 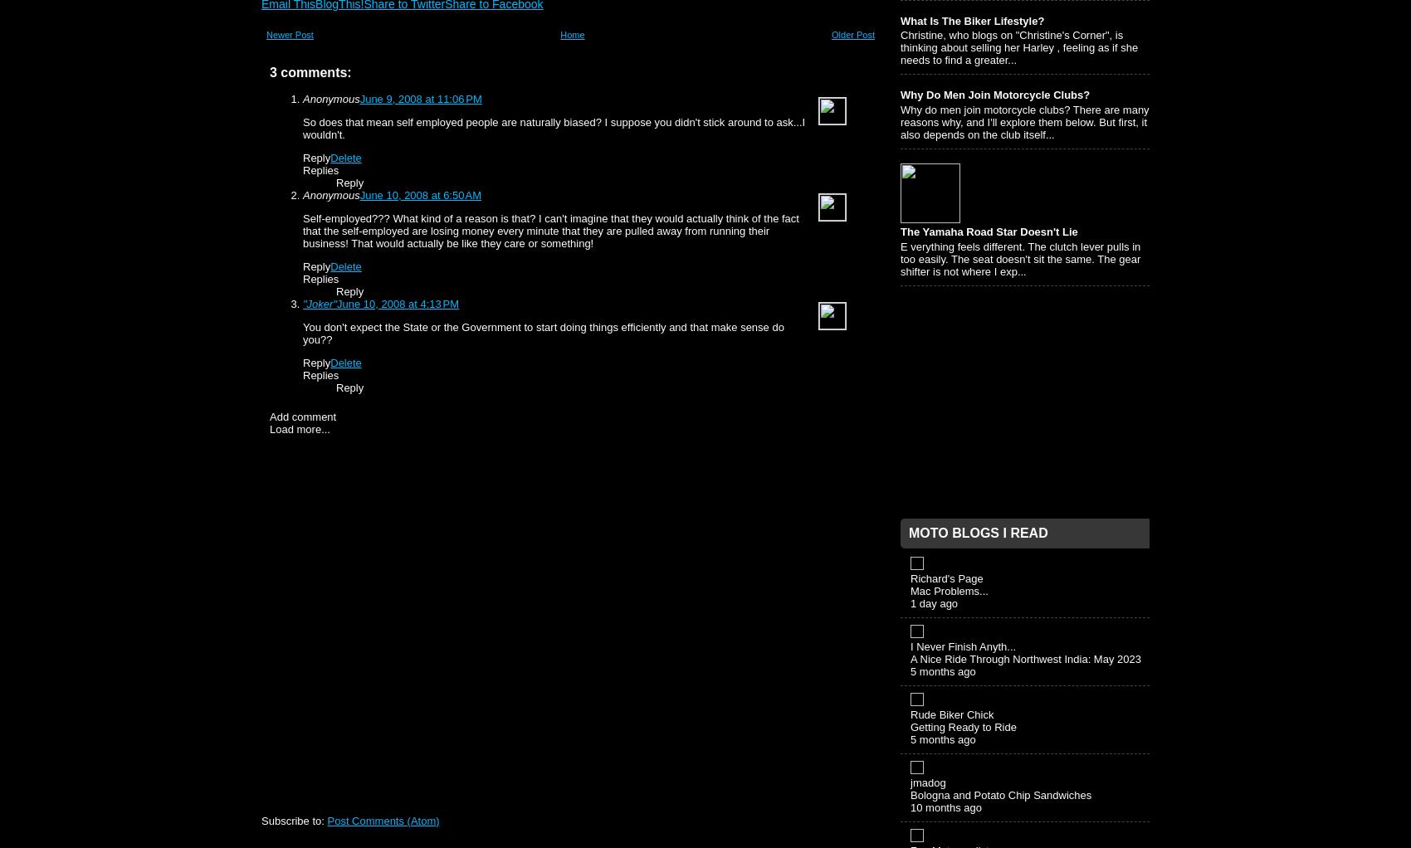 What do you see at coordinates (900, 47) in the screenshot?
I see `'Christine, who blogs on "Christine's Corner", is thinking about selling her Harley , feeling as if she needs to find a greater...'` at bounding box center [900, 47].